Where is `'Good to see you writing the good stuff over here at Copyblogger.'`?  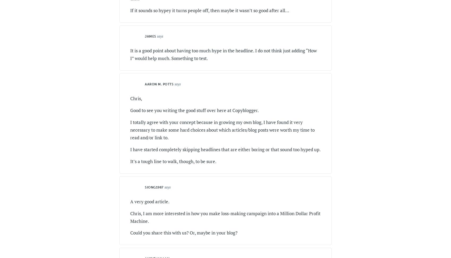
'Good to see you writing the good stuff over here at Copyblogger.' is located at coordinates (130, 110).